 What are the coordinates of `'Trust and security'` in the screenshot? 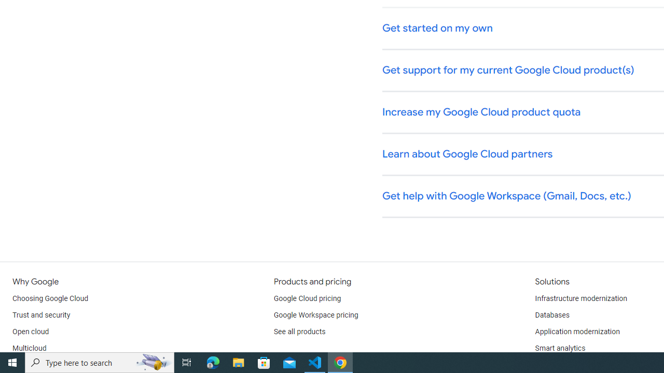 It's located at (41, 315).